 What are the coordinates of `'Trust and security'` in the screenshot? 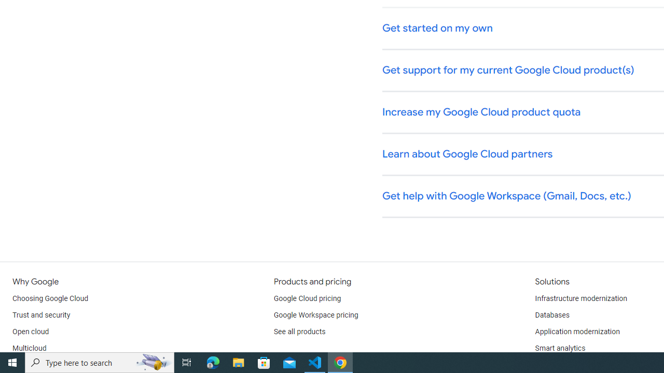 It's located at (41, 315).